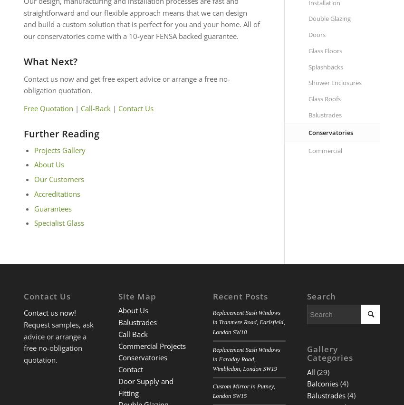  I want to click on 'Replacement Sash Windows in Tranmere Road, Earlsfield, London SW18', so click(212, 322).